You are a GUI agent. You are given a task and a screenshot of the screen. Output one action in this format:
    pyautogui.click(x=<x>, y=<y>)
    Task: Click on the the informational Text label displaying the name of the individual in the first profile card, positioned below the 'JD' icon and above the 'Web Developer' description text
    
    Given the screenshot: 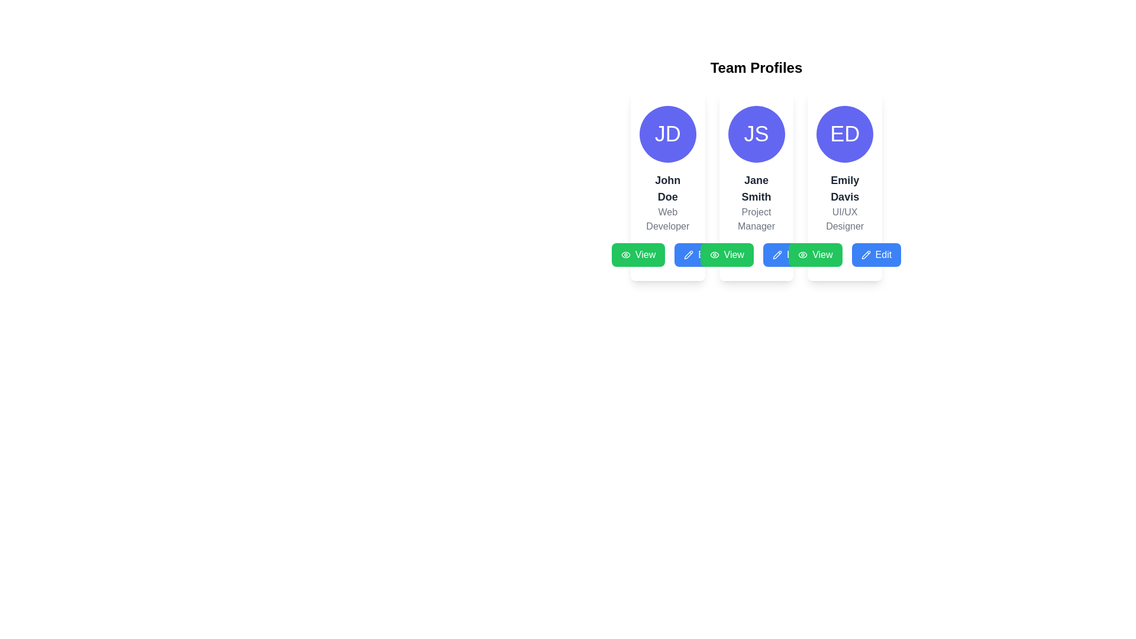 What is the action you would take?
    pyautogui.click(x=667, y=188)
    